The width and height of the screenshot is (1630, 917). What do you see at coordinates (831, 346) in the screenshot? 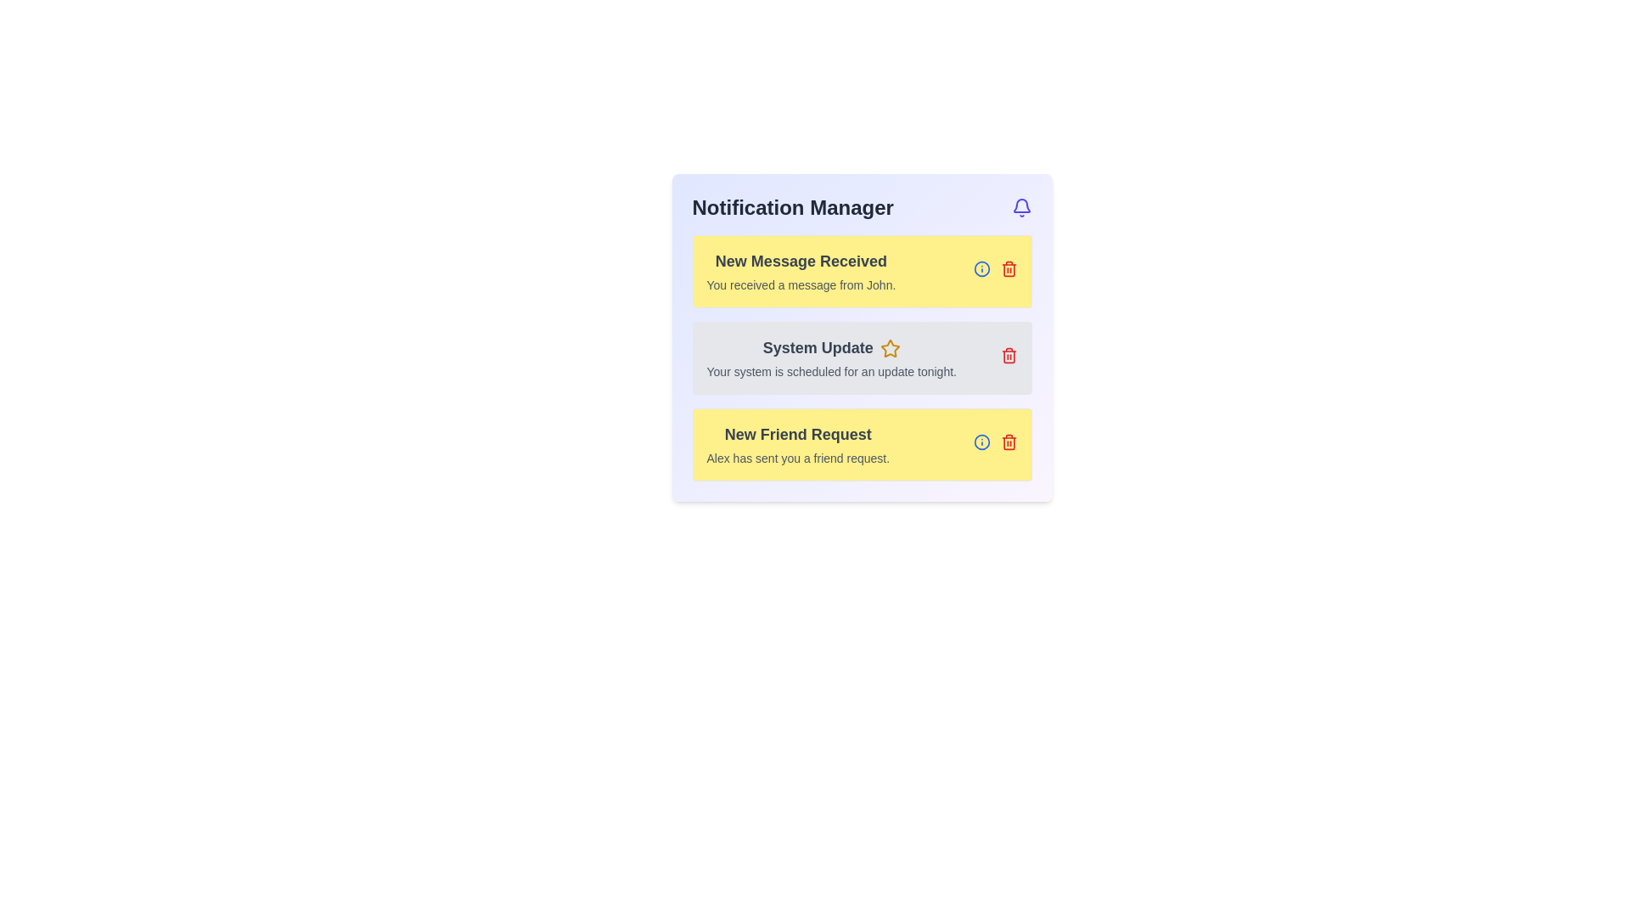
I see `the text label that communicates the title or subject of the current notification within the 'Notification Manager' panel, located between 'New Message Received' and 'New Friend Request'` at bounding box center [831, 346].